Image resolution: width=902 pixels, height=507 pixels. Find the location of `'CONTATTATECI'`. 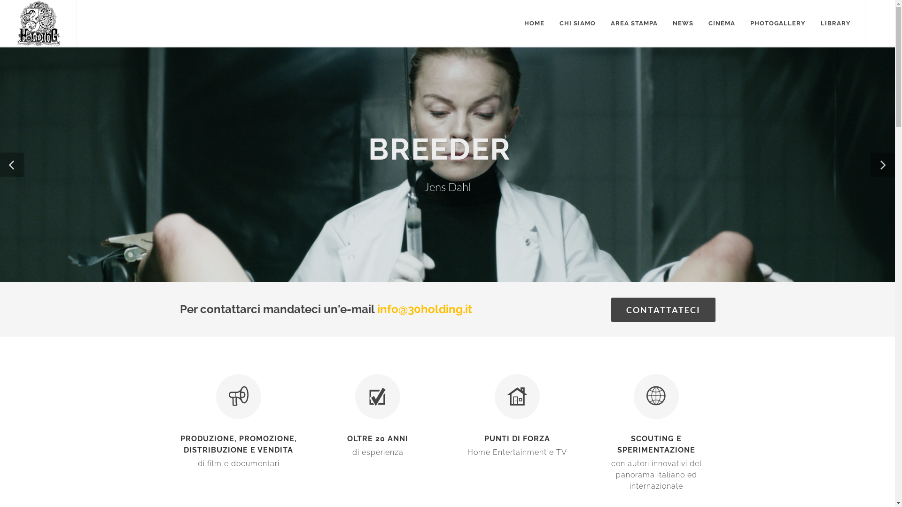

'CONTATTATECI' is located at coordinates (611, 309).